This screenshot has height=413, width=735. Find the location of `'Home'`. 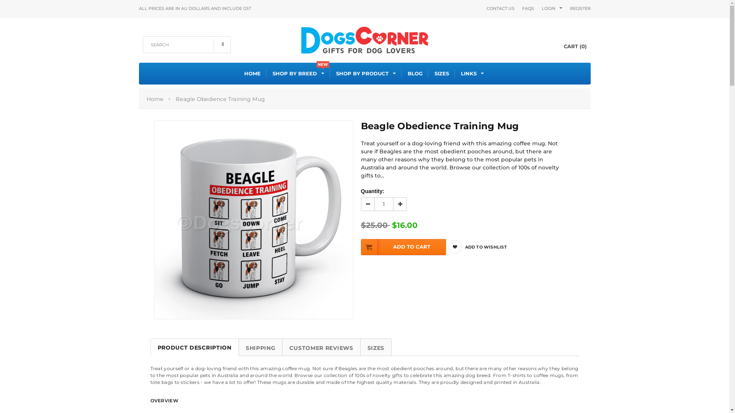

'Home' is located at coordinates (154, 98).